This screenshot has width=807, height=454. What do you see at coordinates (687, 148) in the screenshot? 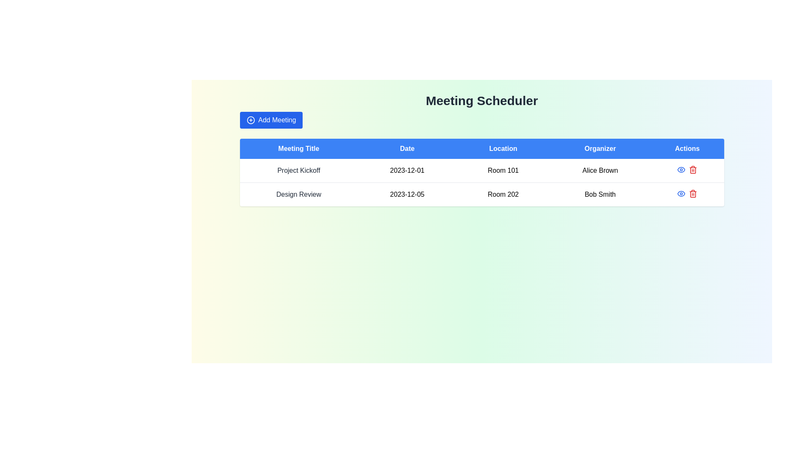
I see `the 'Actions' column header in the table, which is located at the top-right corner of the header section` at bounding box center [687, 148].